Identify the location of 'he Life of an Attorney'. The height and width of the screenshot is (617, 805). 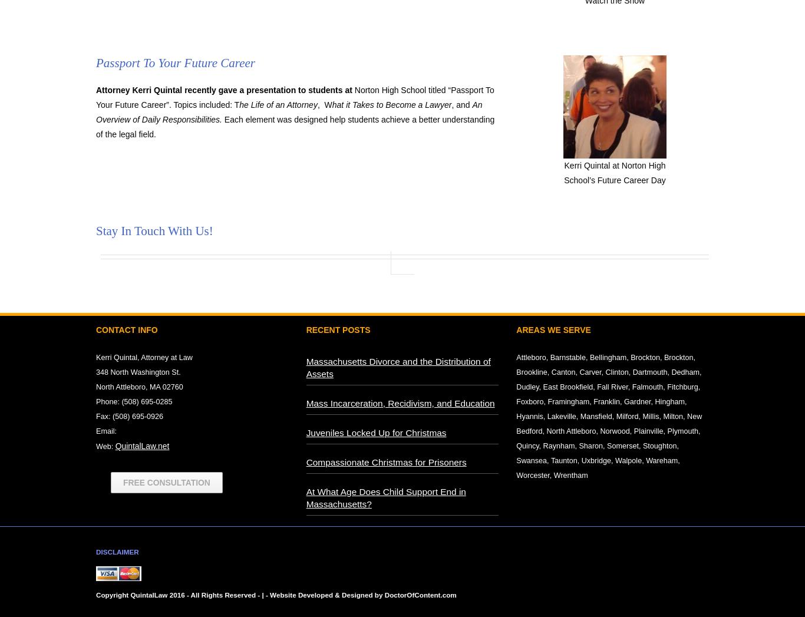
(278, 104).